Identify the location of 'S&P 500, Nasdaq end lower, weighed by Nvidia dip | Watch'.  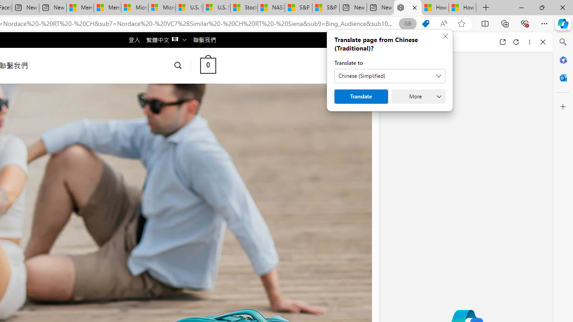
(325, 8).